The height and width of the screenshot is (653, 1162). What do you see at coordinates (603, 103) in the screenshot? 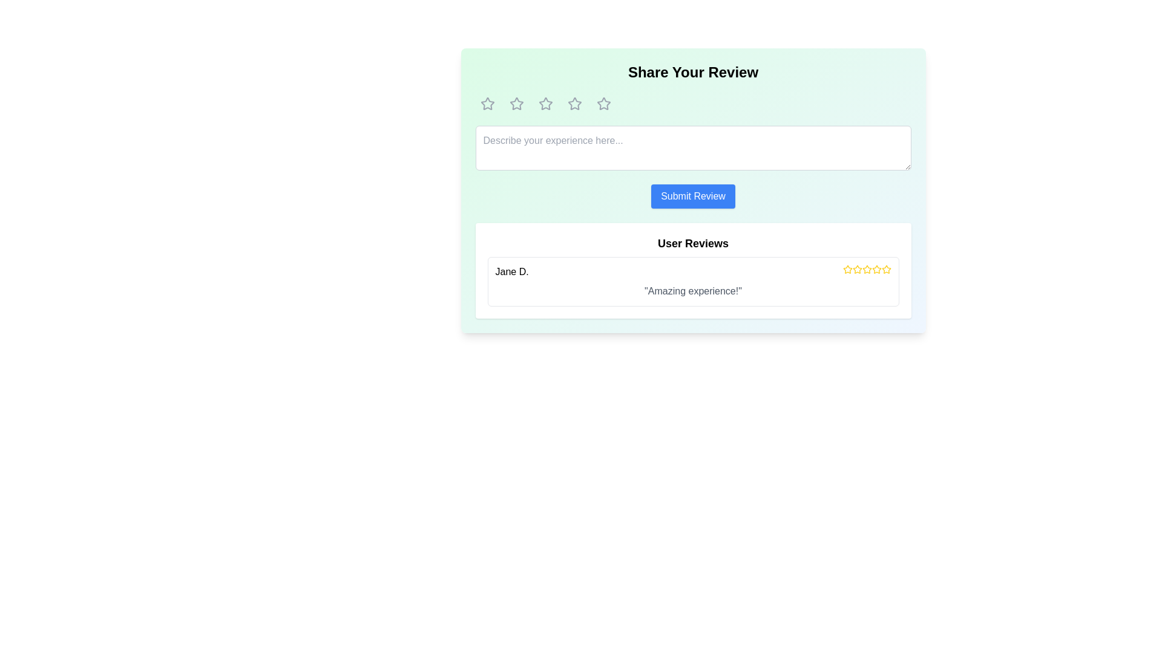
I see `the 5th star icon in the rating system` at bounding box center [603, 103].